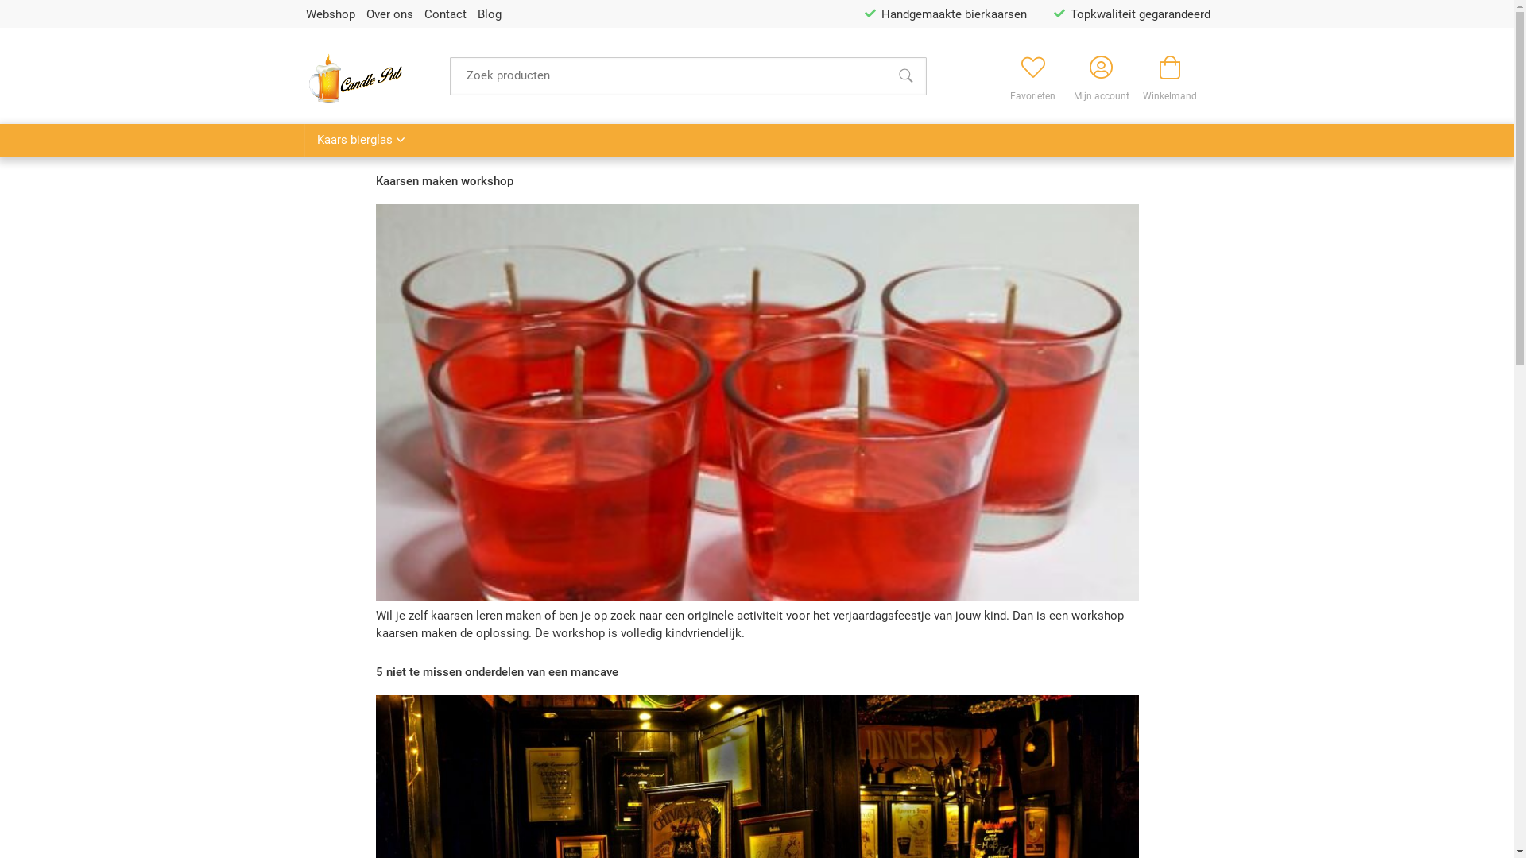 Image resolution: width=1526 pixels, height=858 pixels. Describe the element at coordinates (358, 139) in the screenshot. I see `'Kaars bierglas'` at that location.